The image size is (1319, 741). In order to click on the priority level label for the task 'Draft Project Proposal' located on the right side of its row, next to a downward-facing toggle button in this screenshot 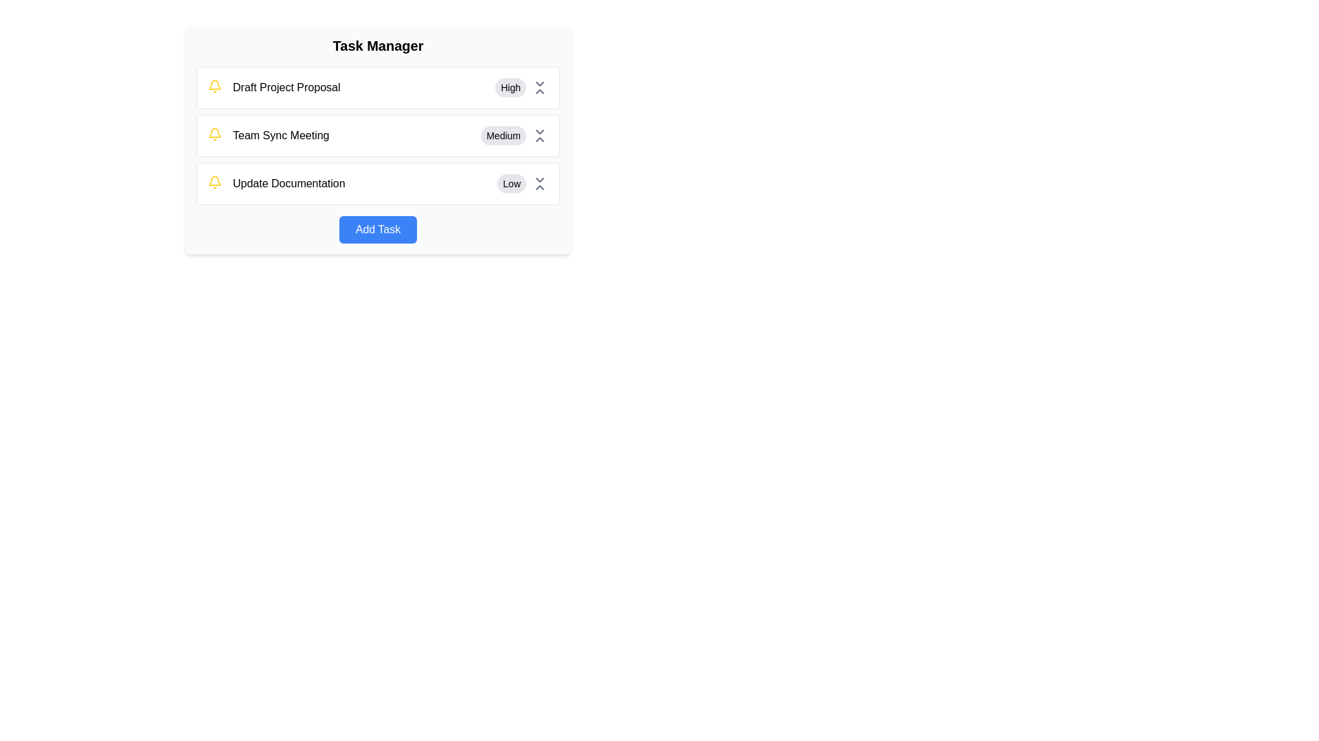, I will do `click(521, 87)`.